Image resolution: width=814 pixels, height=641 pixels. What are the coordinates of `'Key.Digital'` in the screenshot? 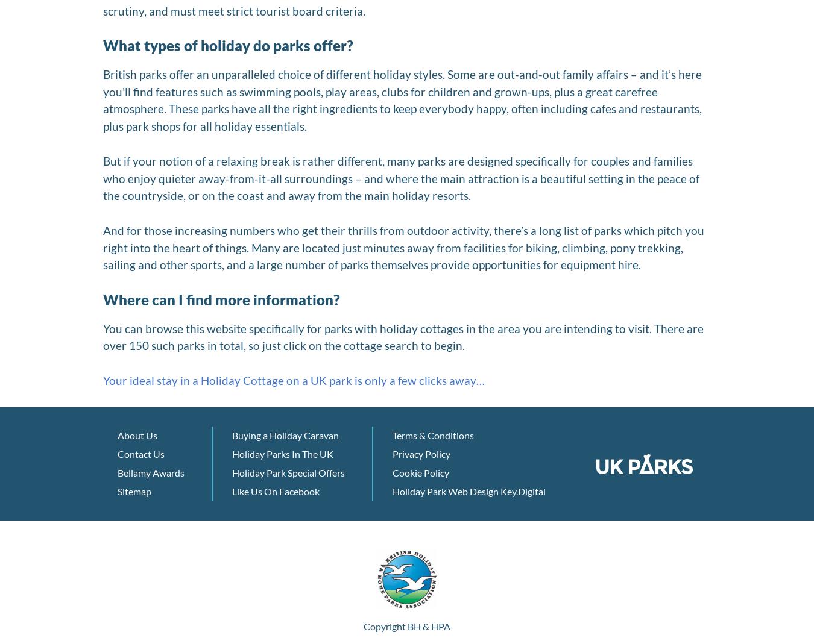 It's located at (523, 491).